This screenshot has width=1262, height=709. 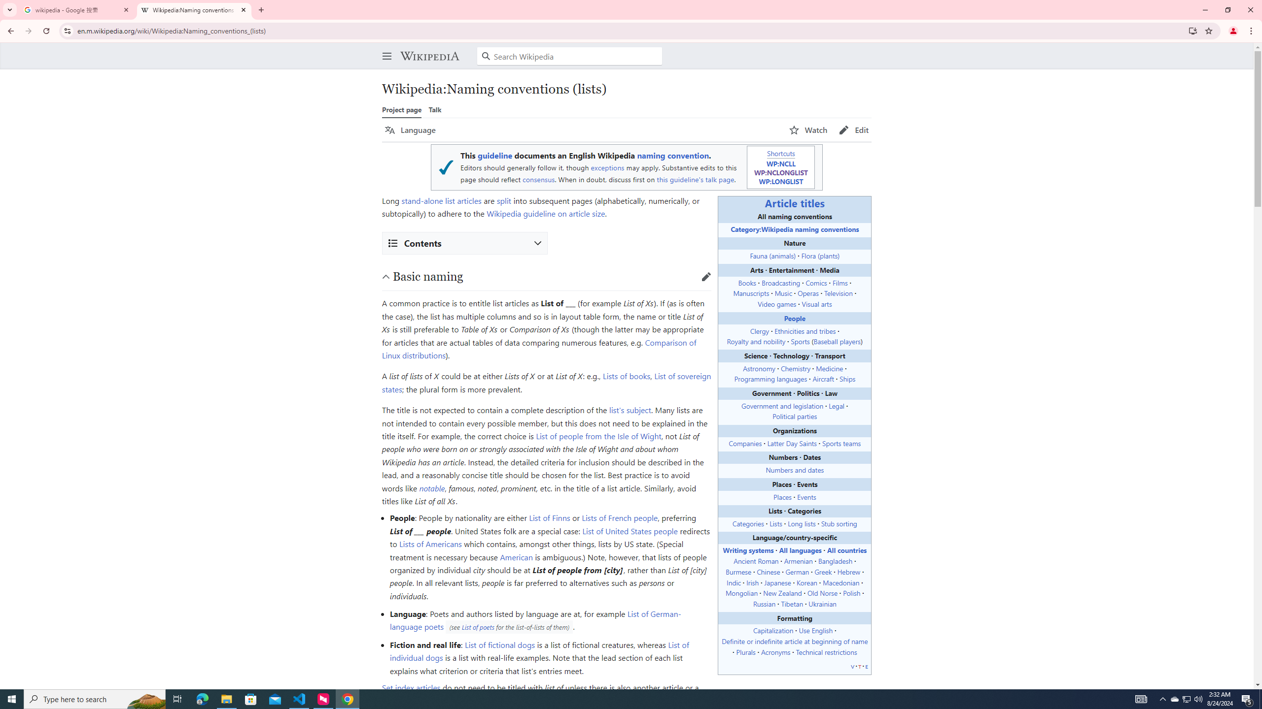 What do you see at coordinates (538, 349) in the screenshot?
I see `'Comparison of Linux distributions'` at bounding box center [538, 349].